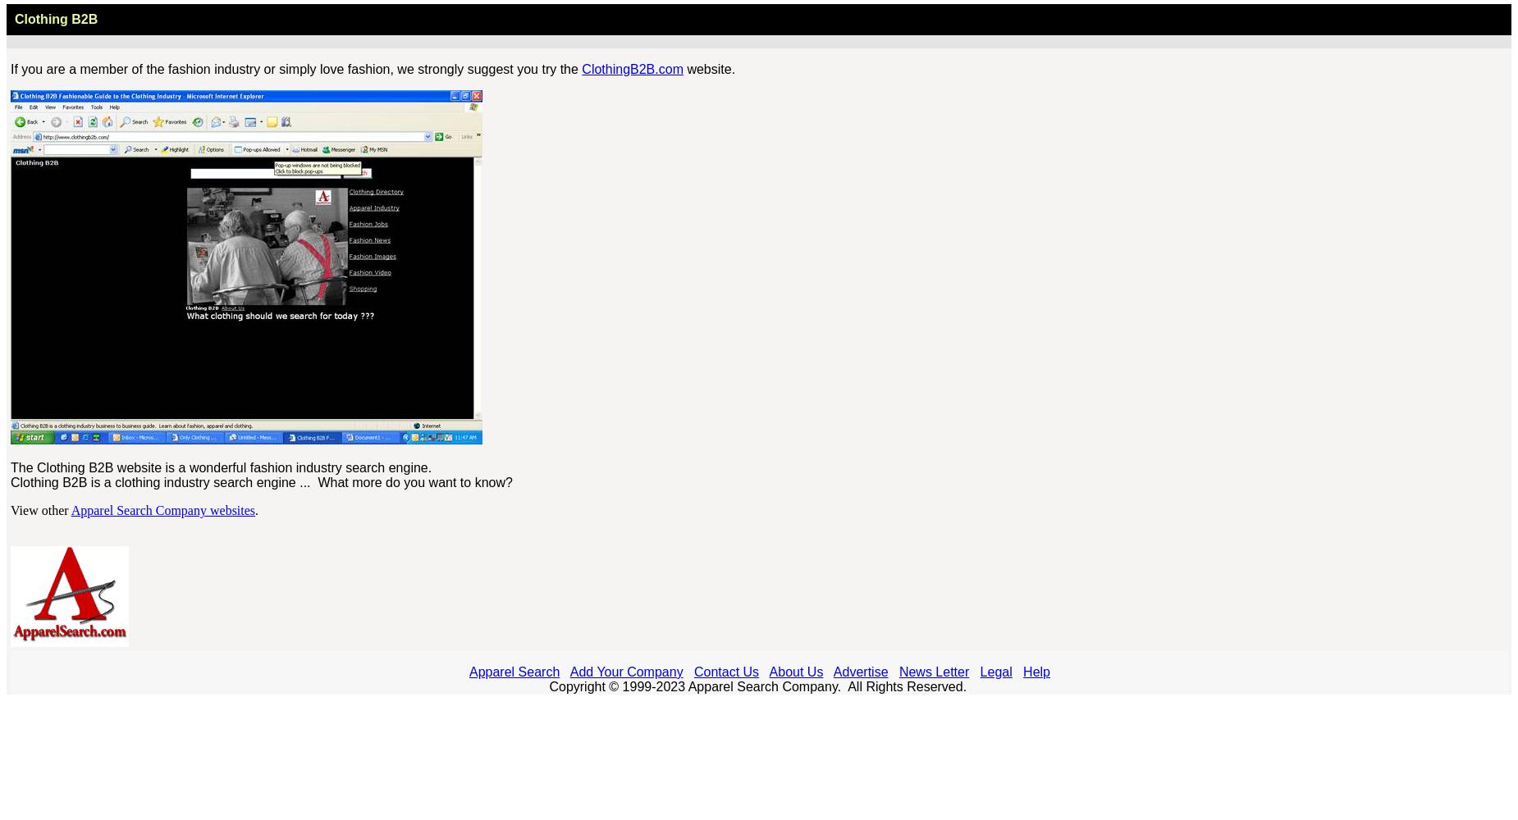 Image resolution: width=1518 pixels, height=820 pixels. What do you see at coordinates (514, 671) in the screenshot?
I see `'Apparel 
		Search'` at bounding box center [514, 671].